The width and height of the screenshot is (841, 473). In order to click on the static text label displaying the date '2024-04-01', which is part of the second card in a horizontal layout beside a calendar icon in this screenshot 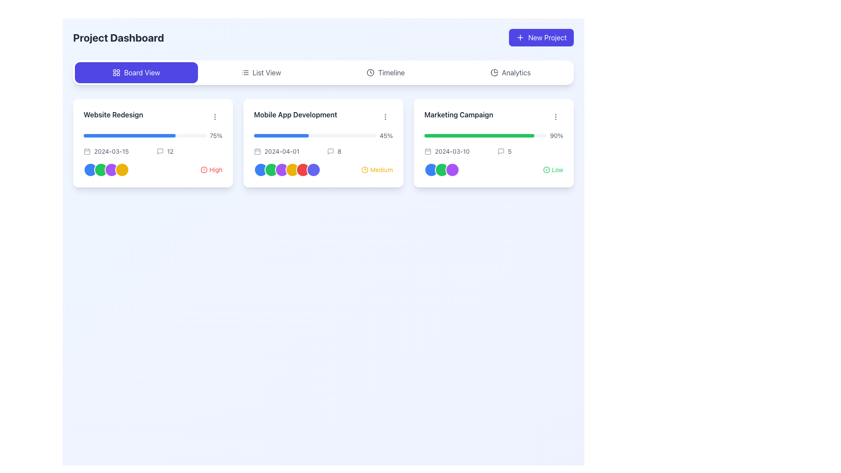, I will do `click(282, 151)`.